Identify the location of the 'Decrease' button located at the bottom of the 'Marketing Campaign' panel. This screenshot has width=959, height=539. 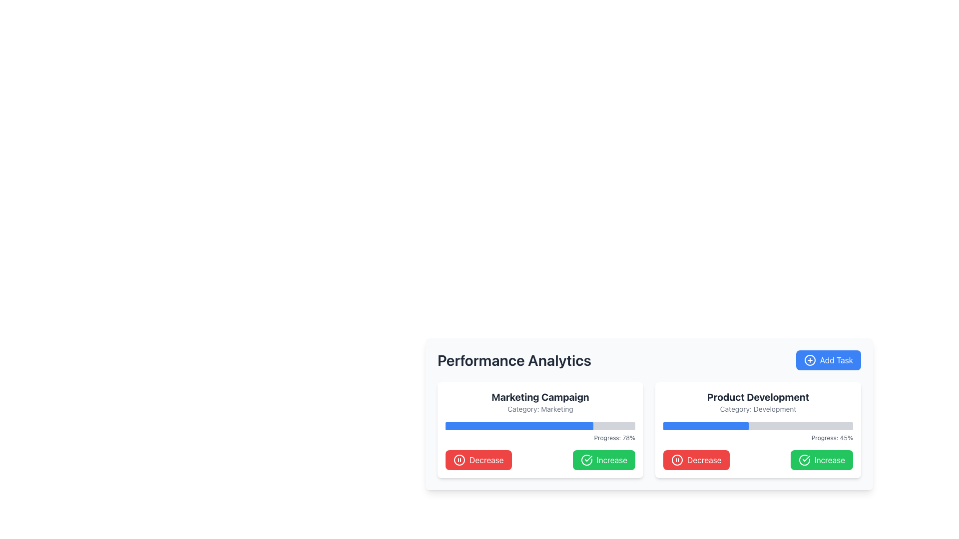
(539, 460).